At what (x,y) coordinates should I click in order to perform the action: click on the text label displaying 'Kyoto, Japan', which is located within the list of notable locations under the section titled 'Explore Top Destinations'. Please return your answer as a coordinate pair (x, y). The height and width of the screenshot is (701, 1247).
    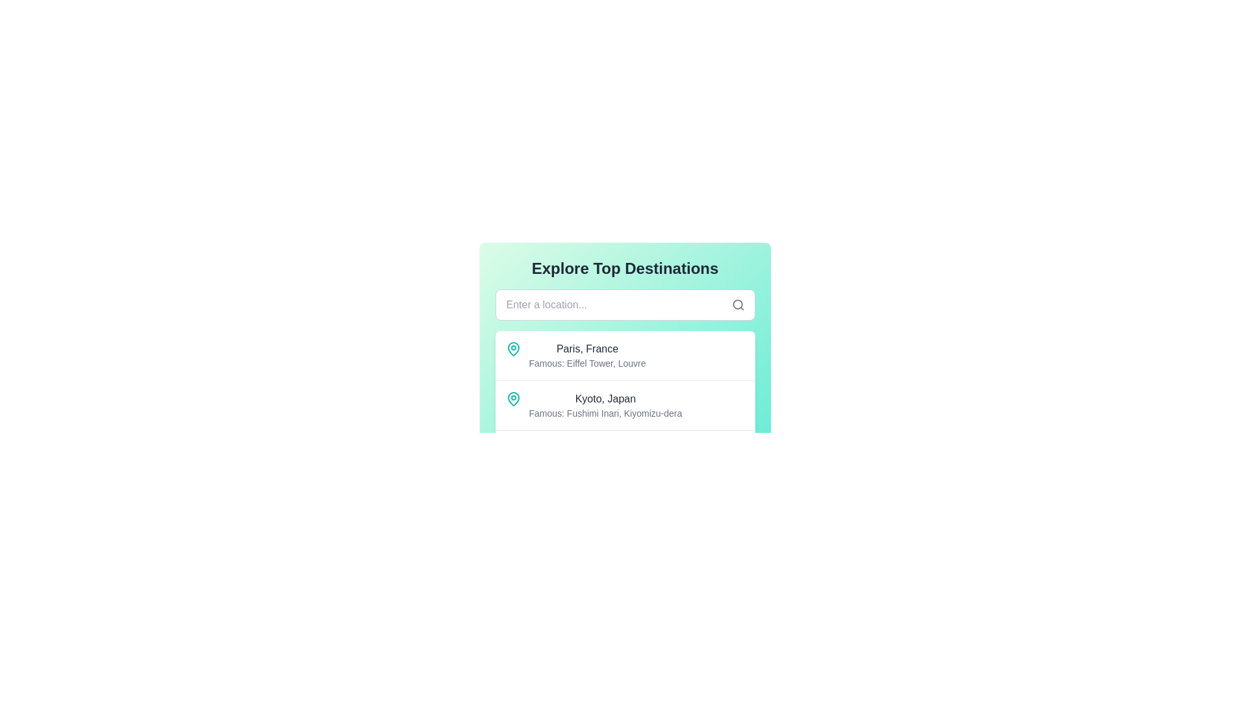
    Looking at the image, I should click on (605, 398).